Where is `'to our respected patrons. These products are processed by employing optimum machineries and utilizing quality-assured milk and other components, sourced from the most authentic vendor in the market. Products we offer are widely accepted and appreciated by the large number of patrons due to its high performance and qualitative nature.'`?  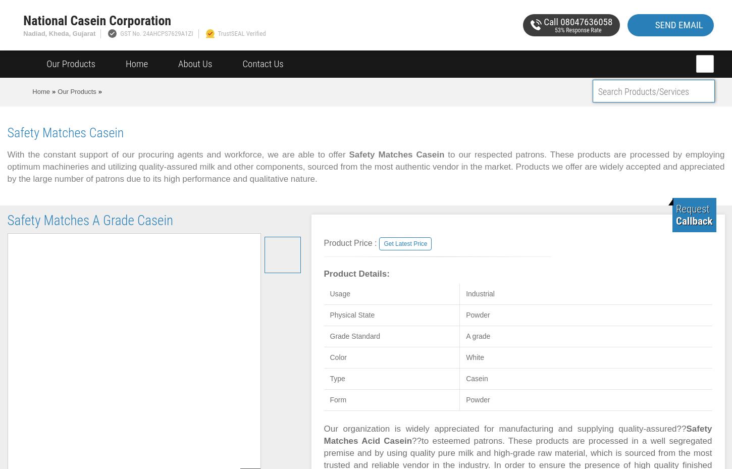
'to our respected patrons. These products are processed by employing optimum machineries and utilizing quality-assured milk and other components, sourced from the most authentic vendor in the market. Products we offer are widely accepted and appreciated by the large number of patrons due to its high performance and qualitative nature.' is located at coordinates (365, 167).